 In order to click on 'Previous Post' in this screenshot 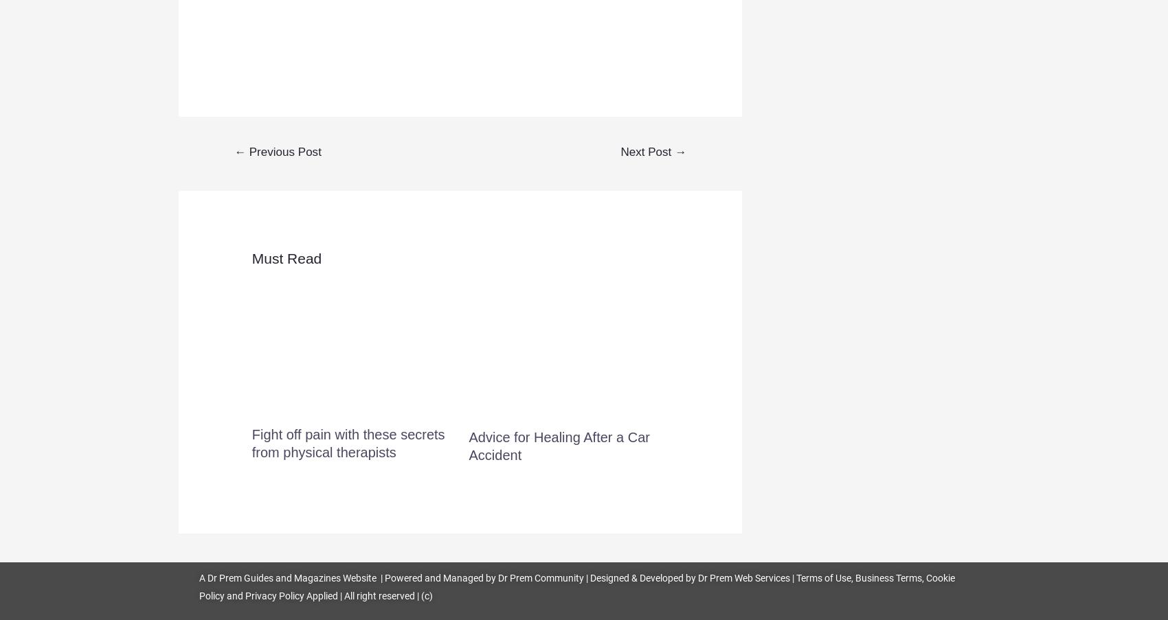, I will do `click(282, 151)`.